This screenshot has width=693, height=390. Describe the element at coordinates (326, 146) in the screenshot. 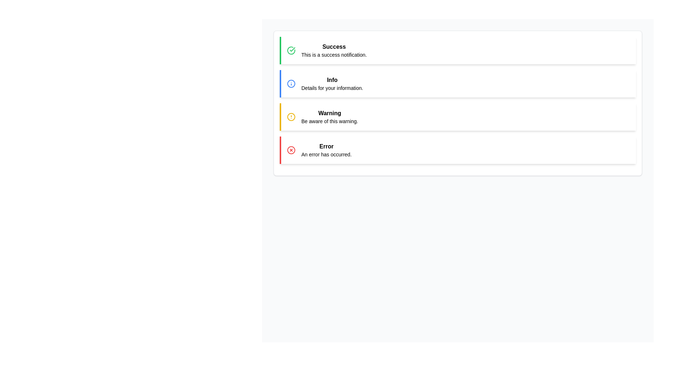

I see `the bolded 'Error' text element located at the top of the notification box to trigger tooltips or visual responses` at that location.